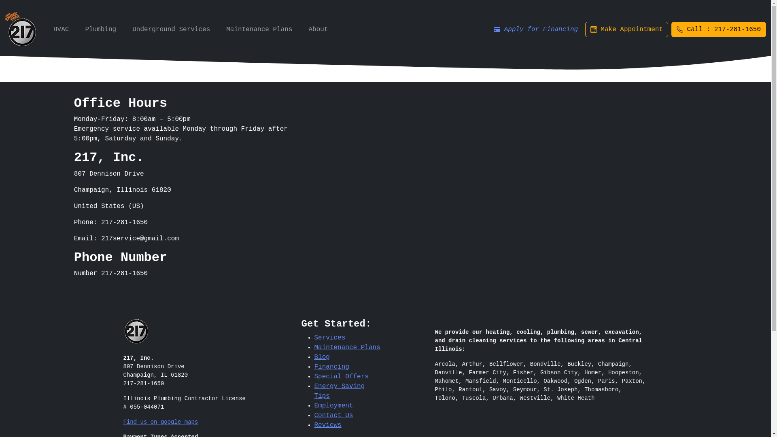 This screenshot has width=777, height=437. I want to click on 'Services', so click(329, 337).